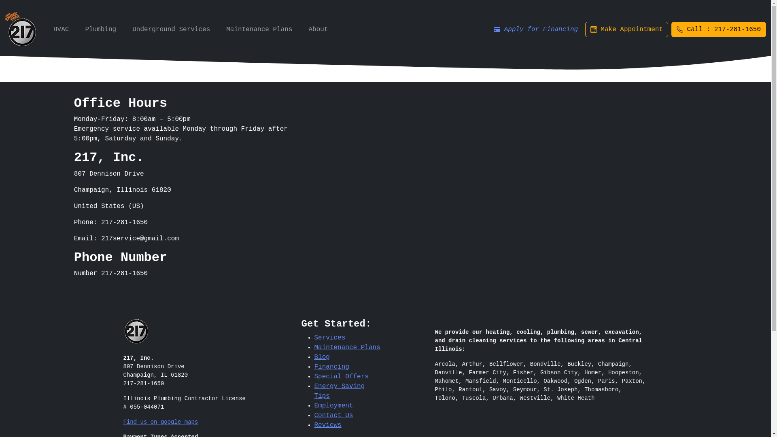 This screenshot has width=777, height=437. I want to click on 'Services', so click(329, 337).